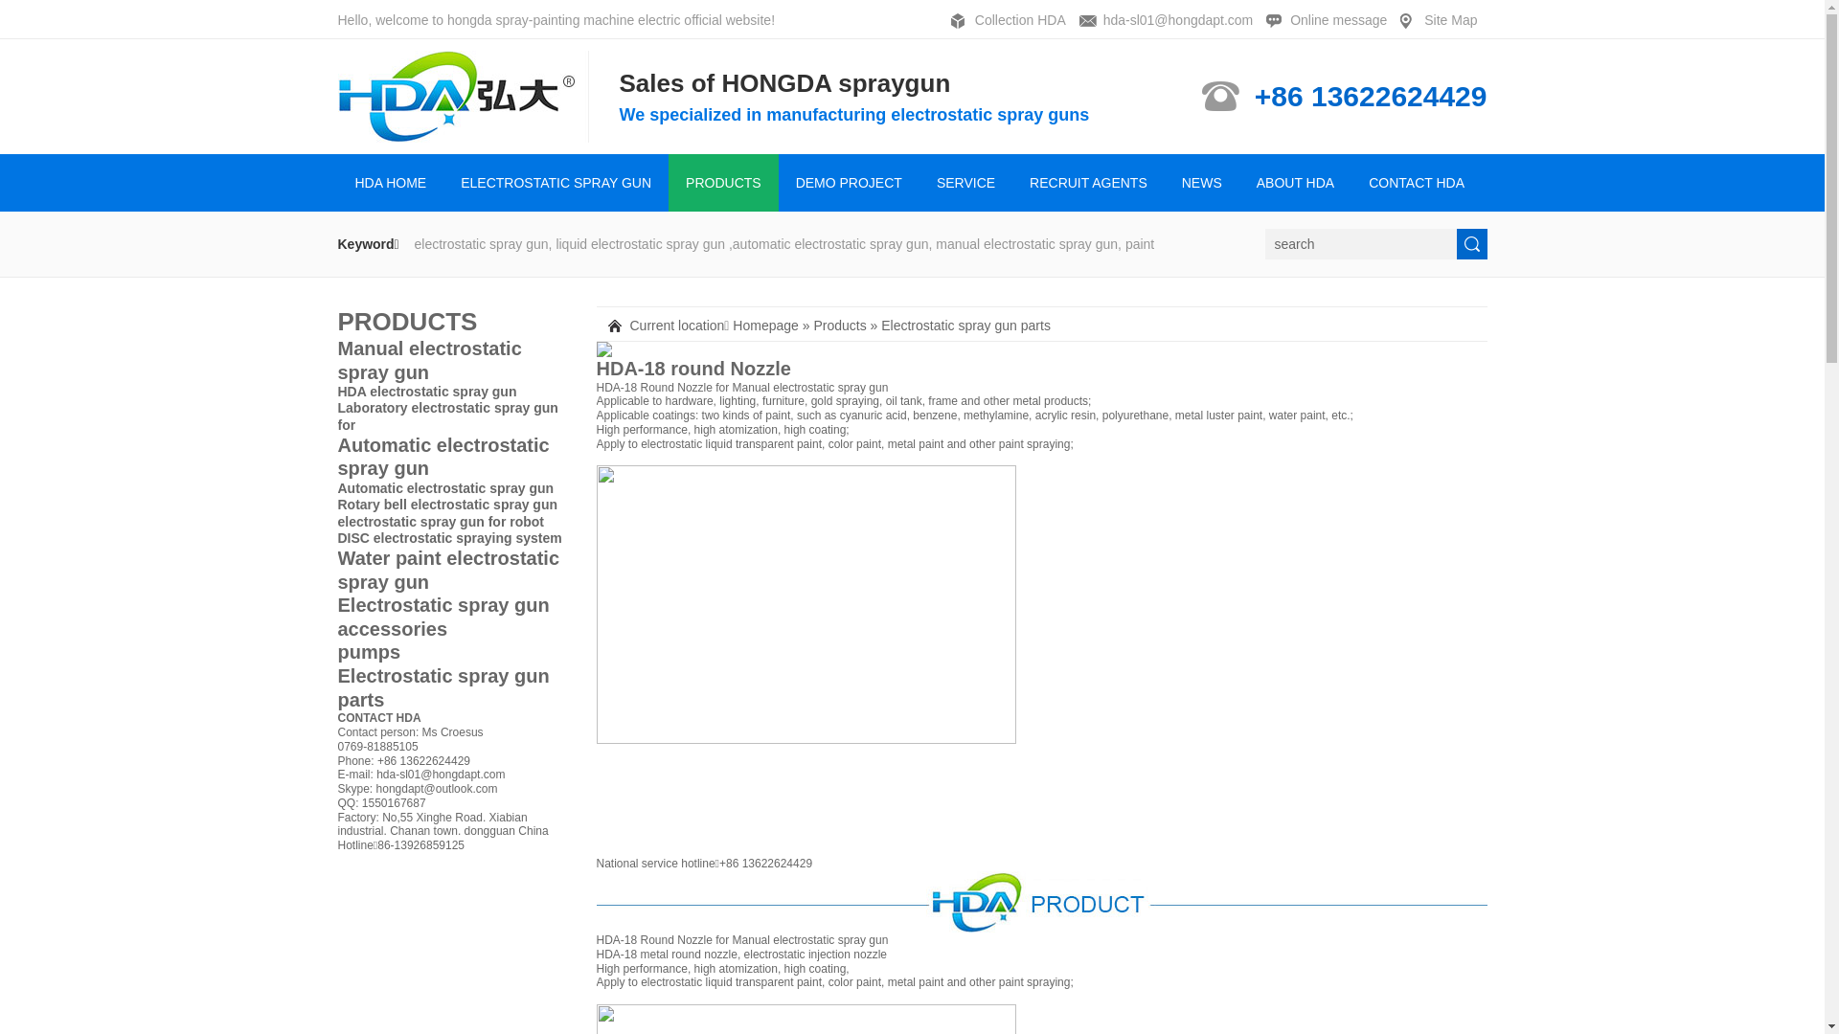 The height and width of the screenshot is (1034, 1839). Describe the element at coordinates (448, 538) in the screenshot. I see `'DISC electrostatic spraying system'` at that location.